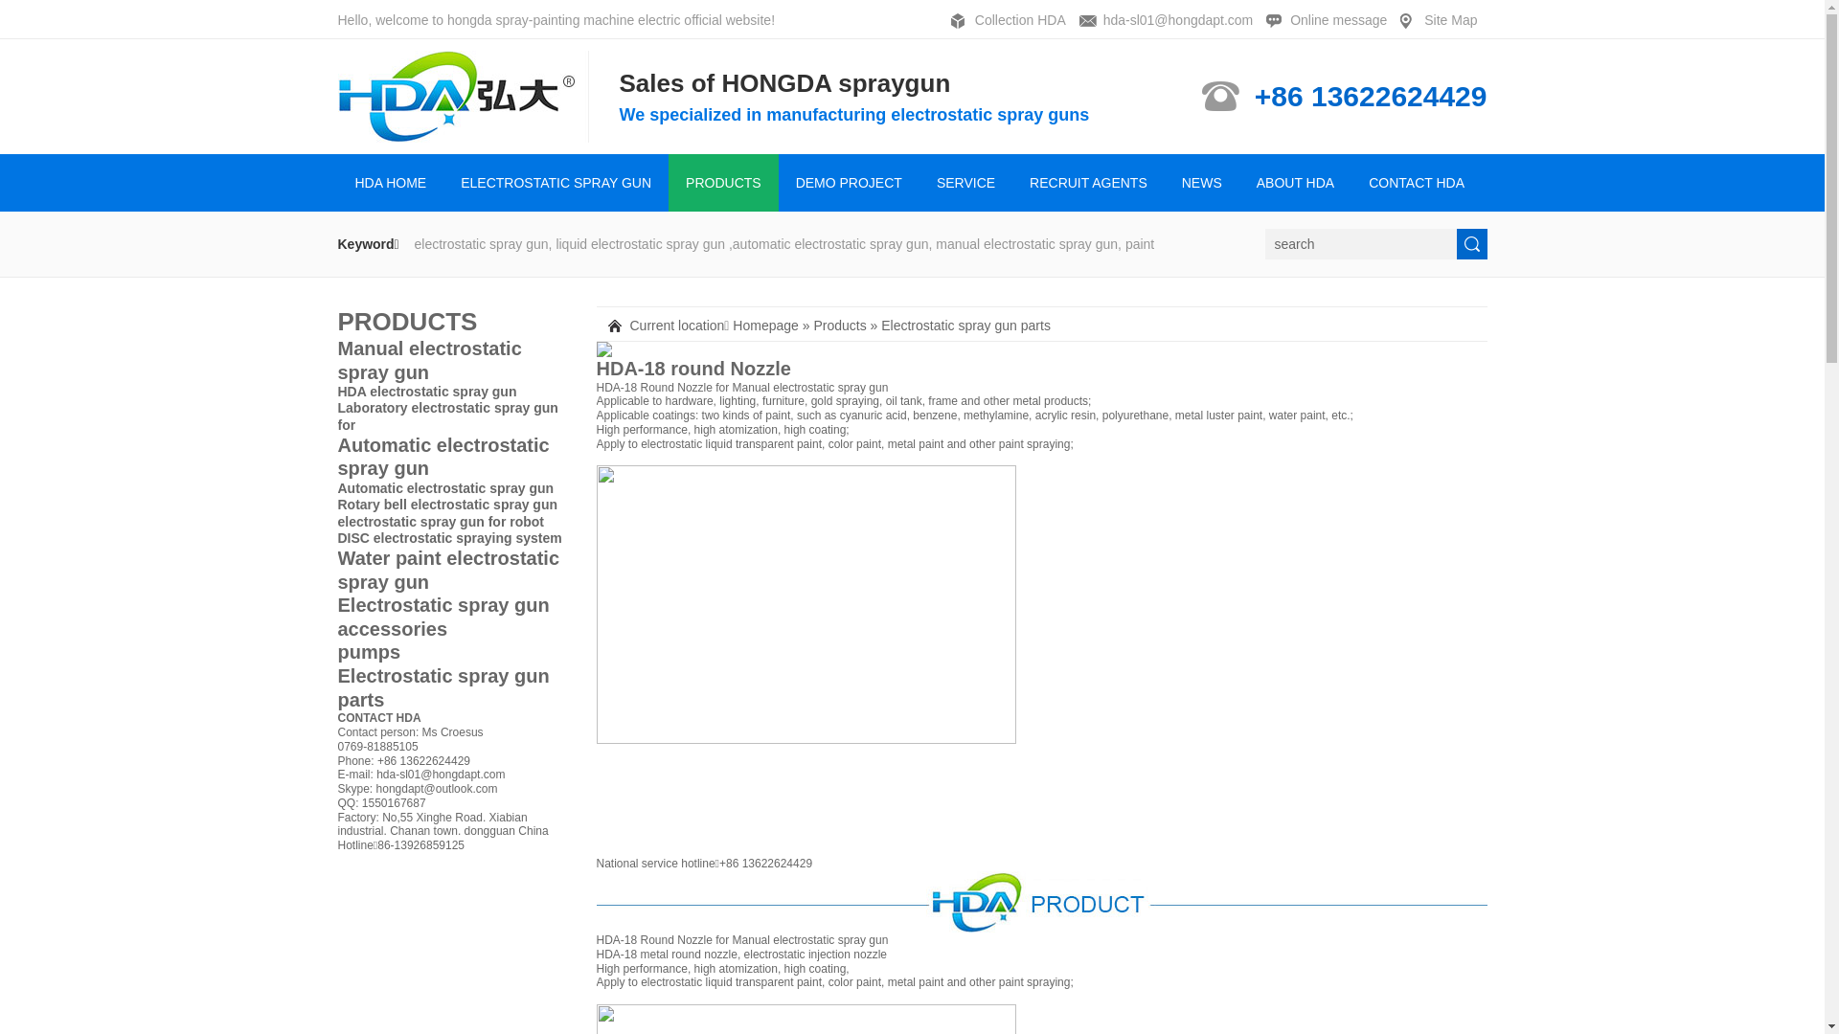 The height and width of the screenshot is (1034, 1839). Describe the element at coordinates (448, 538) in the screenshot. I see `'DISC electrostatic spraying system'` at that location.